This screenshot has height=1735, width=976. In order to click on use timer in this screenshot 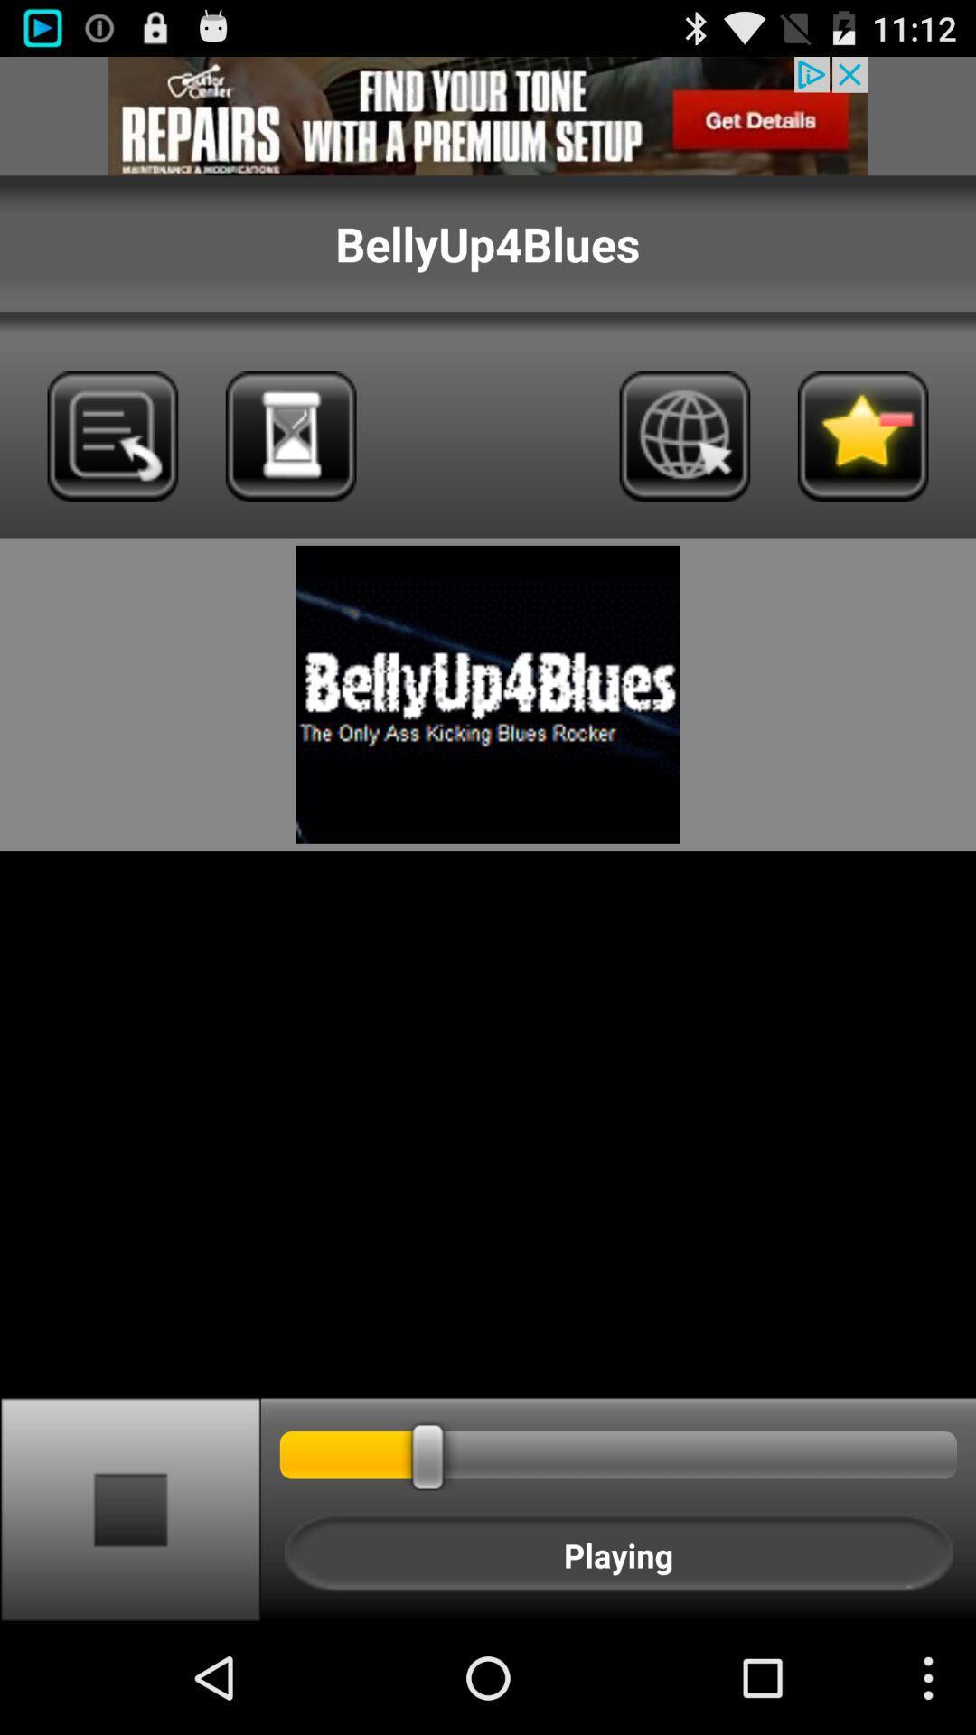, I will do `click(290, 436)`.